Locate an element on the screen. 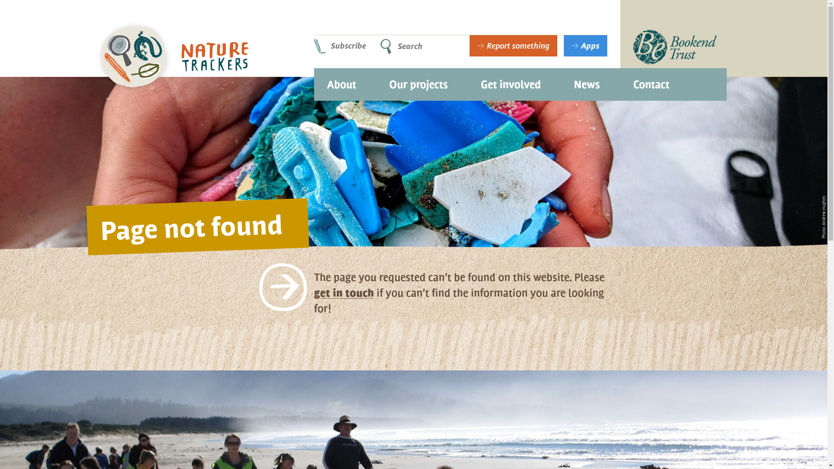 The image size is (834, 469). 'News' is located at coordinates (586, 81).